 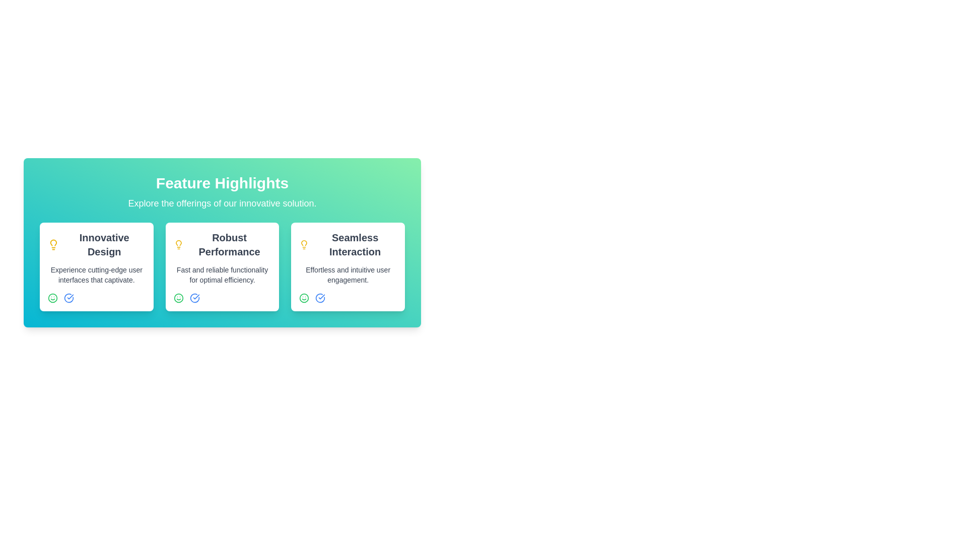 What do you see at coordinates (304, 297) in the screenshot?
I see `the Decorative SVG element, which is a circle within a smiley face icon located inside the third description card beneath the 'Seamless Interaction' title and above a blue checkmark icon` at bounding box center [304, 297].